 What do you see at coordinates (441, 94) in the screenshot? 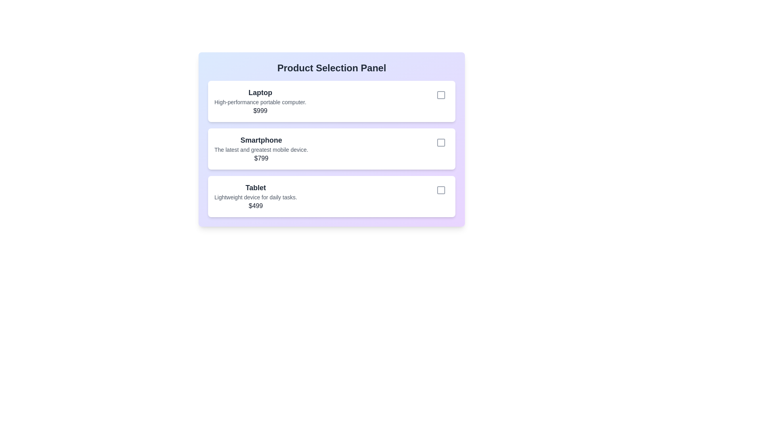
I see `the product identified by Laptop` at bounding box center [441, 94].